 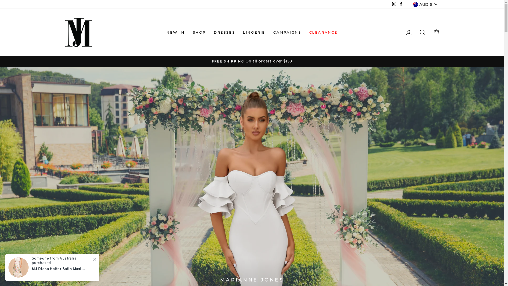 What do you see at coordinates (162, 33) in the screenshot?
I see `'NEW IN'` at bounding box center [162, 33].